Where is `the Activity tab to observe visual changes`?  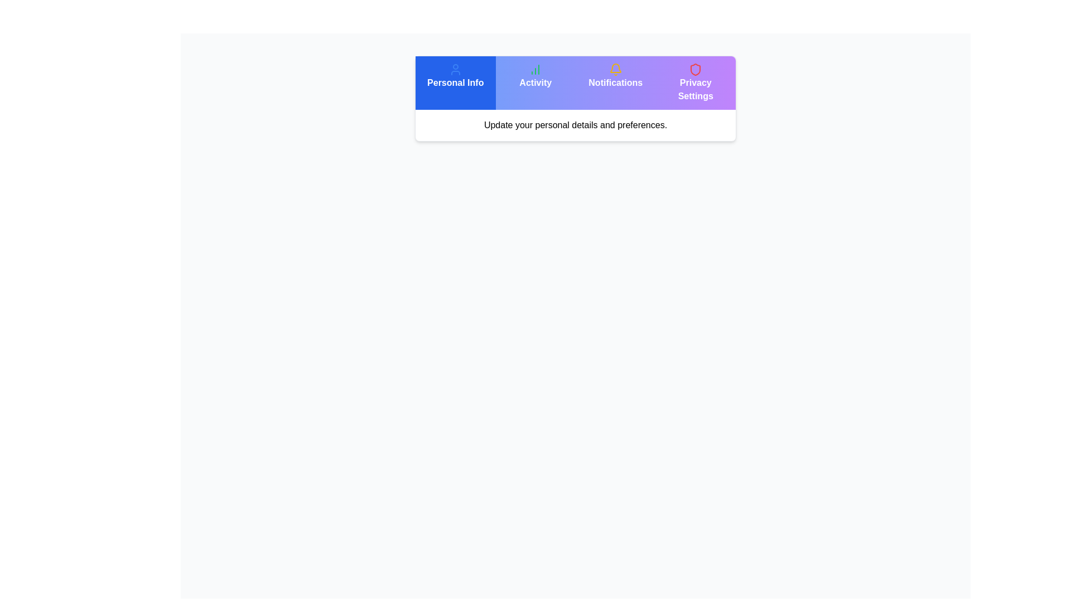 the Activity tab to observe visual changes is located at coordinates (535, 82).